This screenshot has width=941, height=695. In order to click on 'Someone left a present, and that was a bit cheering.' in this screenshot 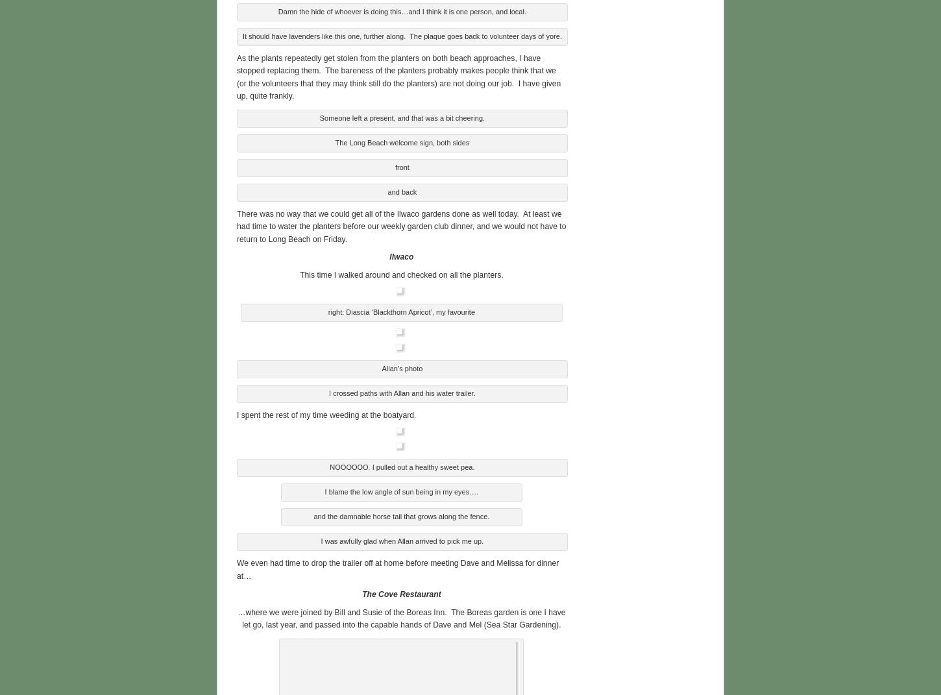, I will do `click(401, 115)`.